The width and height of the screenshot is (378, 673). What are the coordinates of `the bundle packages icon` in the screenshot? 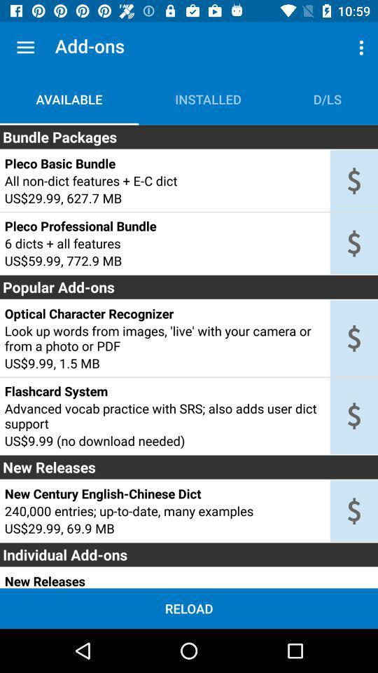 It's located at (189, 137).